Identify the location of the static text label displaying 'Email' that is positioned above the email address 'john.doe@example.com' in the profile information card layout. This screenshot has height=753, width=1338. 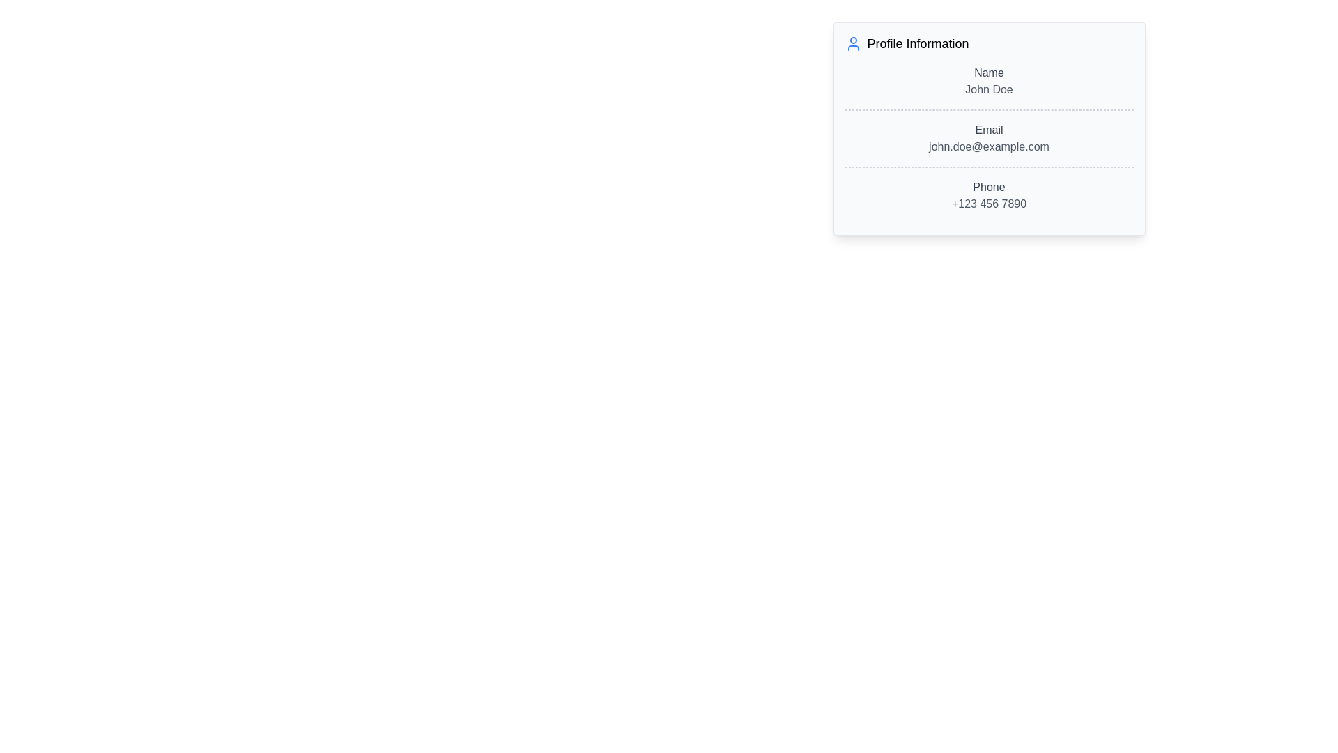
(988, 130).